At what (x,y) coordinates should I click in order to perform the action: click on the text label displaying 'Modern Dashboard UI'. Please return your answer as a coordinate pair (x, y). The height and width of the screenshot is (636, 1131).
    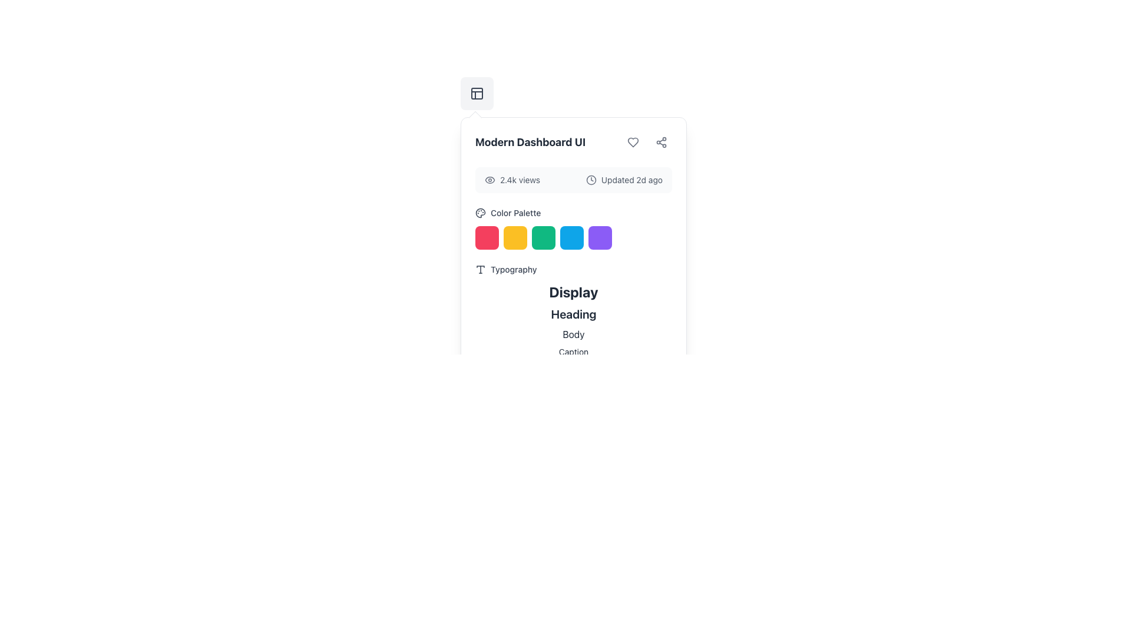
    Looking at the image, I should click on (530, 142).